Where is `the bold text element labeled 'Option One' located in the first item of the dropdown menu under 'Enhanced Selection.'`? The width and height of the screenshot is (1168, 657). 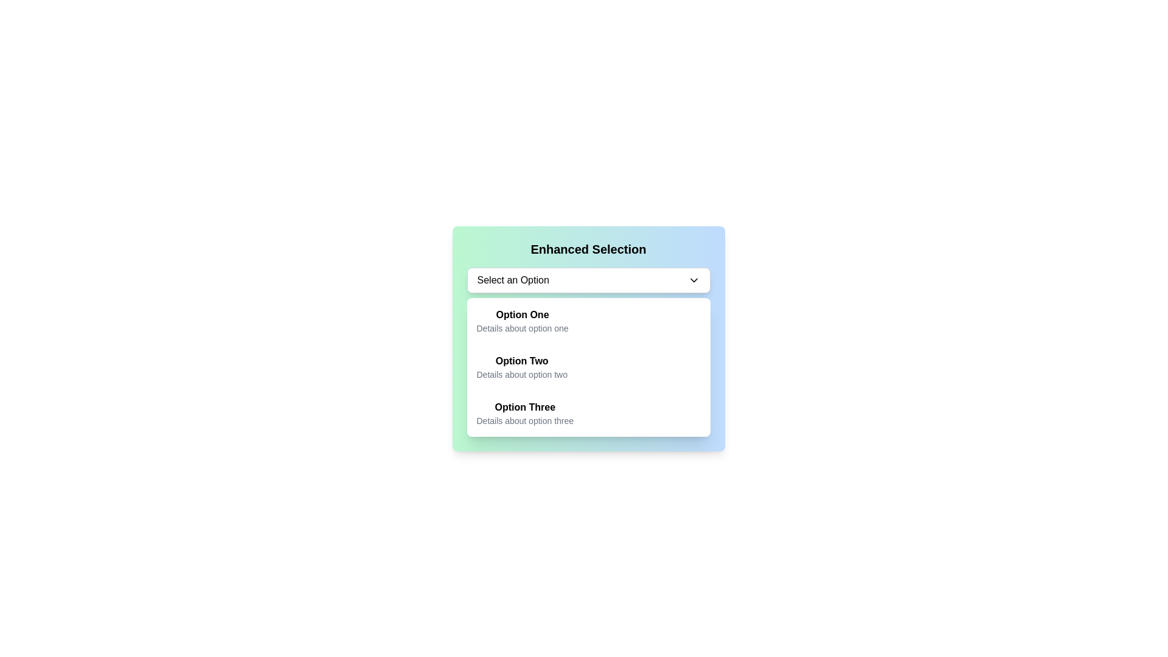
the bold text element labeled 'Option One' located in the first item of the dropdown menu under 'Enhanced Selection.' is located at coordinates (523, 314).